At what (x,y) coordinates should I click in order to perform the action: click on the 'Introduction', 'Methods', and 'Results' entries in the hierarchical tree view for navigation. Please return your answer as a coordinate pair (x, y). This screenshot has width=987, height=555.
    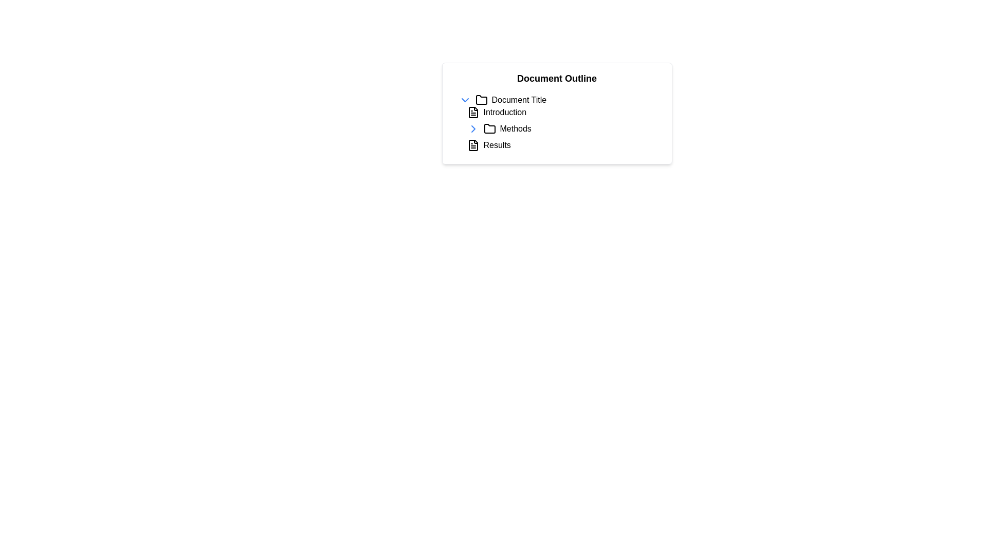
    Looking at the image, I should click on (560, 128).